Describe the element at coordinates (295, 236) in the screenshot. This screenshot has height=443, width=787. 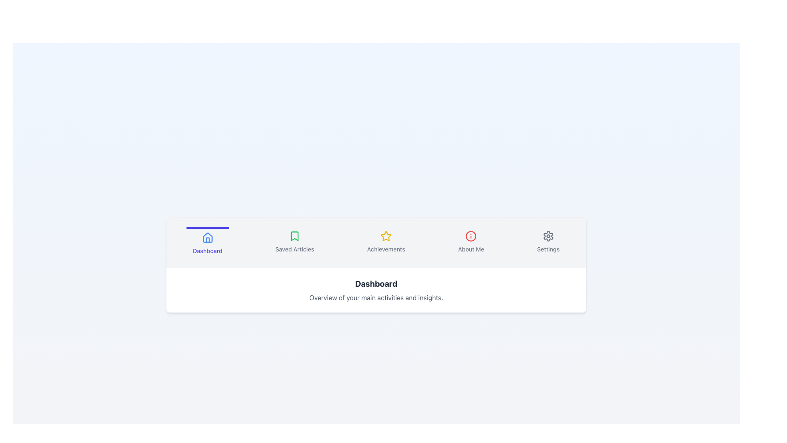
I see `the bookmarking icon that visually represents the 'Saved Articles' menu item, located above the text 'Saved Articles'` at that location.